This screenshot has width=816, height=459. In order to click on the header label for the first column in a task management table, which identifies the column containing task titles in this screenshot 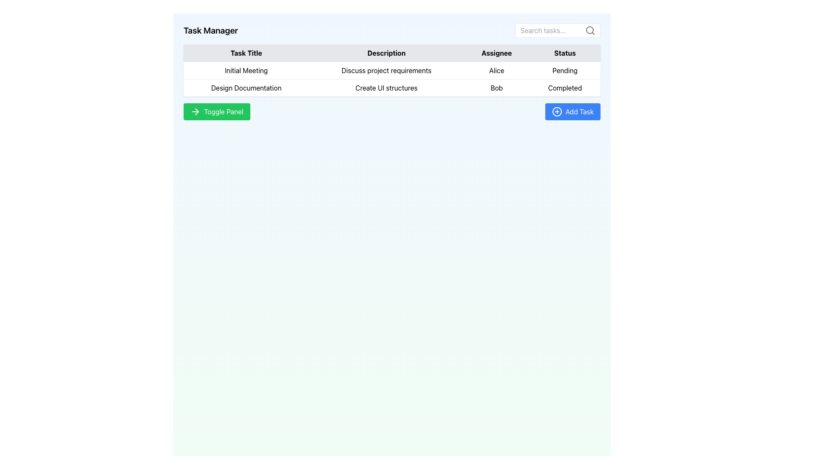, I will do `click(246, 53)`.